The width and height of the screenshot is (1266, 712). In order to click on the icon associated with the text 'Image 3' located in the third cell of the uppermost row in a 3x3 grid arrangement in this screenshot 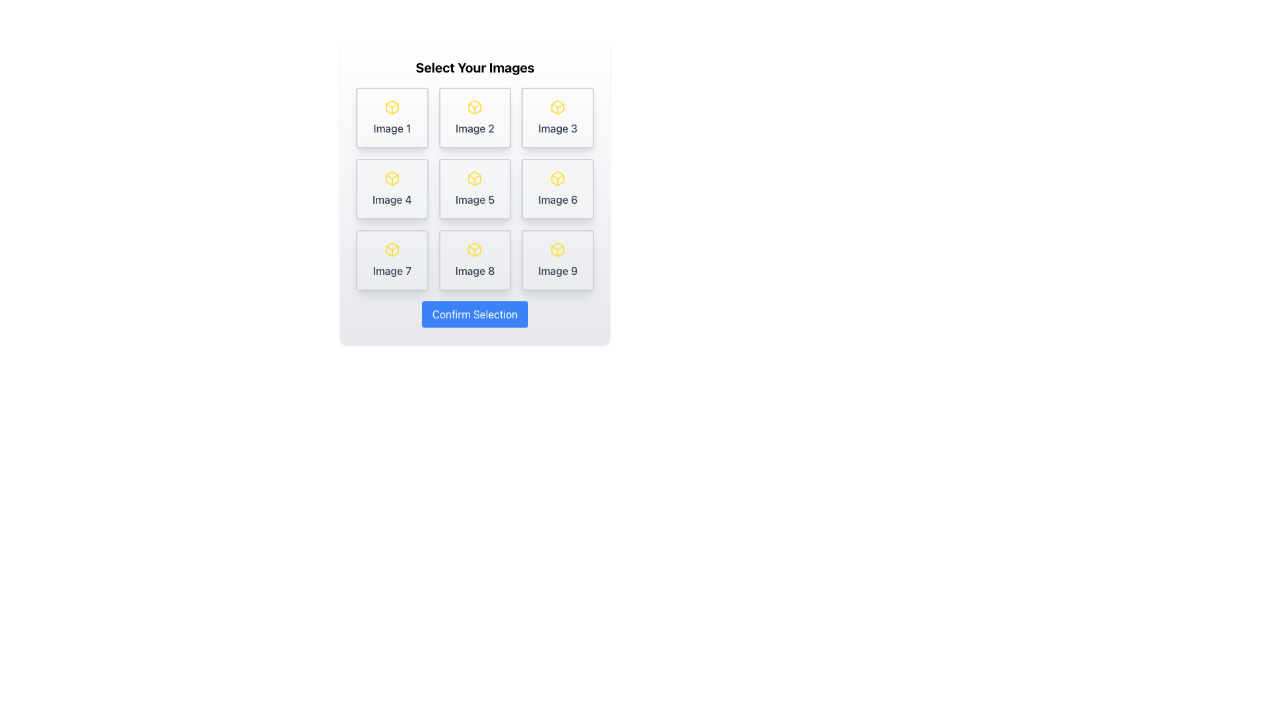, I will do `click(557, 106)`.